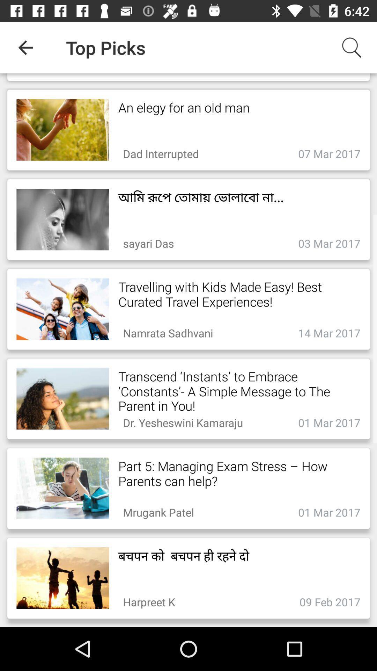 Image resolution: width=377 pixels, height=671 pixels. What do you see at coordinates (158, 510) in the screenshot?
I see `item to the left of 01 mar 2017 item` at bounding box center [158, 510].